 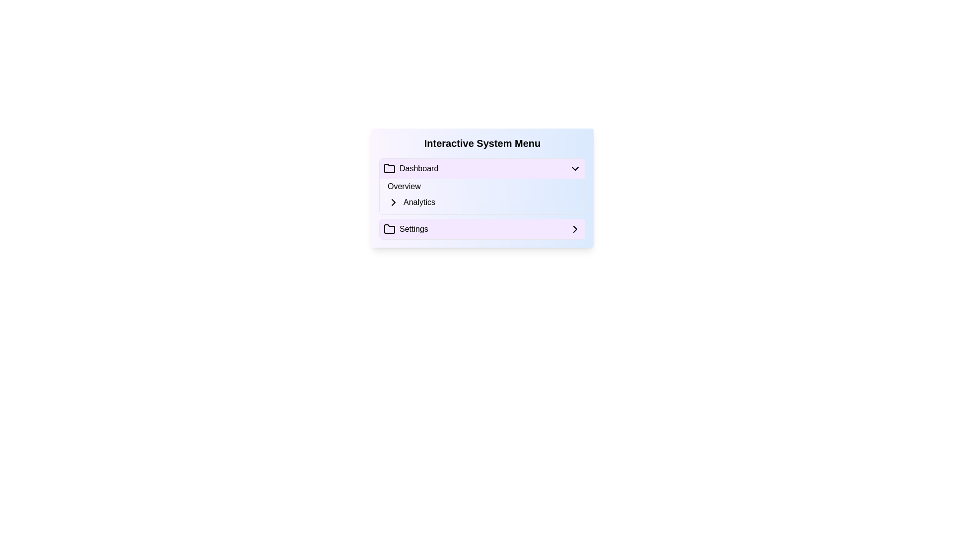 I want to click on the 'Dashboard' text label, which is displayed in bold and located next to a folder icon in the upper part of the 'Interactive System Menu', so click(x=419, y=168).